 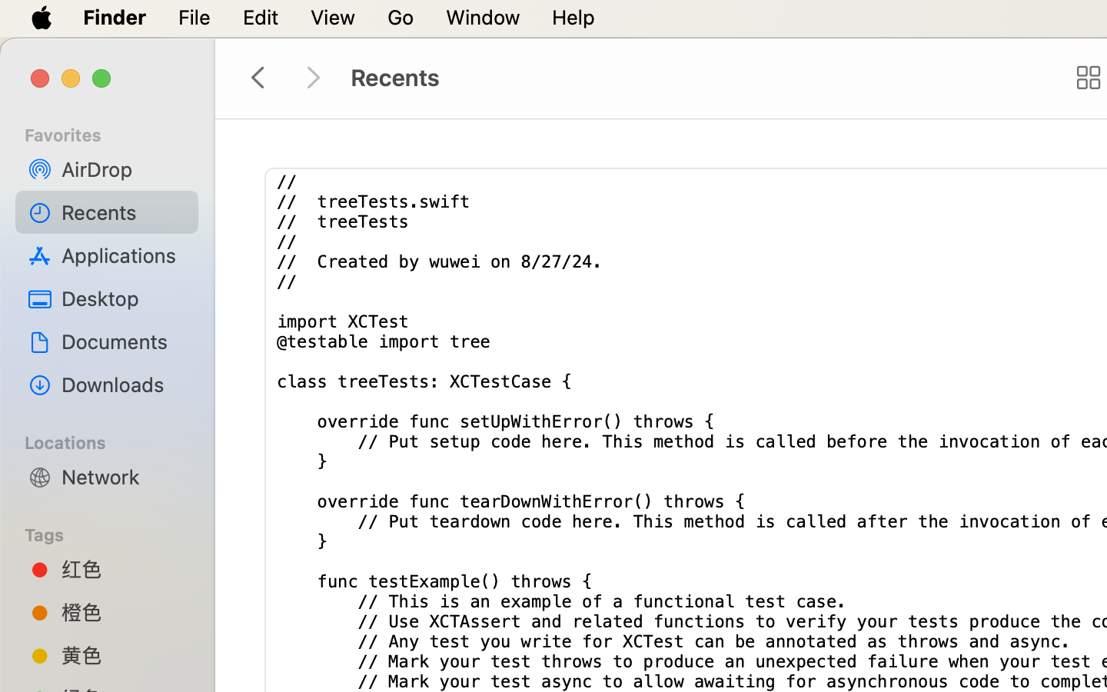 I want to click on '红色', so click(x=122, y=567).